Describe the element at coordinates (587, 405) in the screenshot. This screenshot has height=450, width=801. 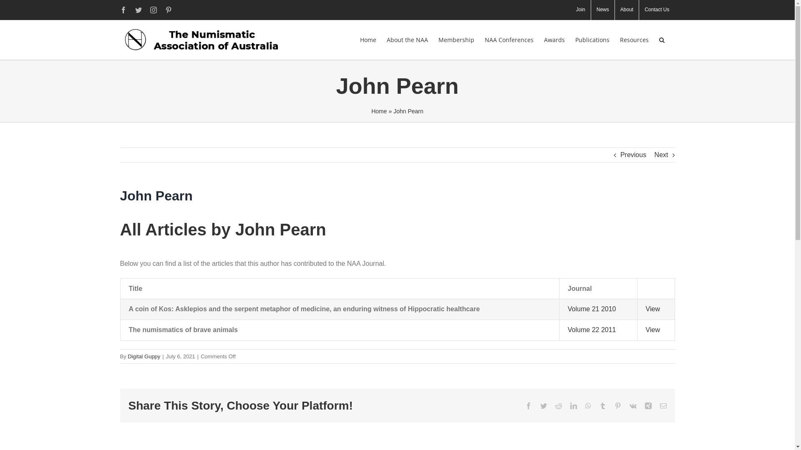
I see `'WhatsApp'` at that location.